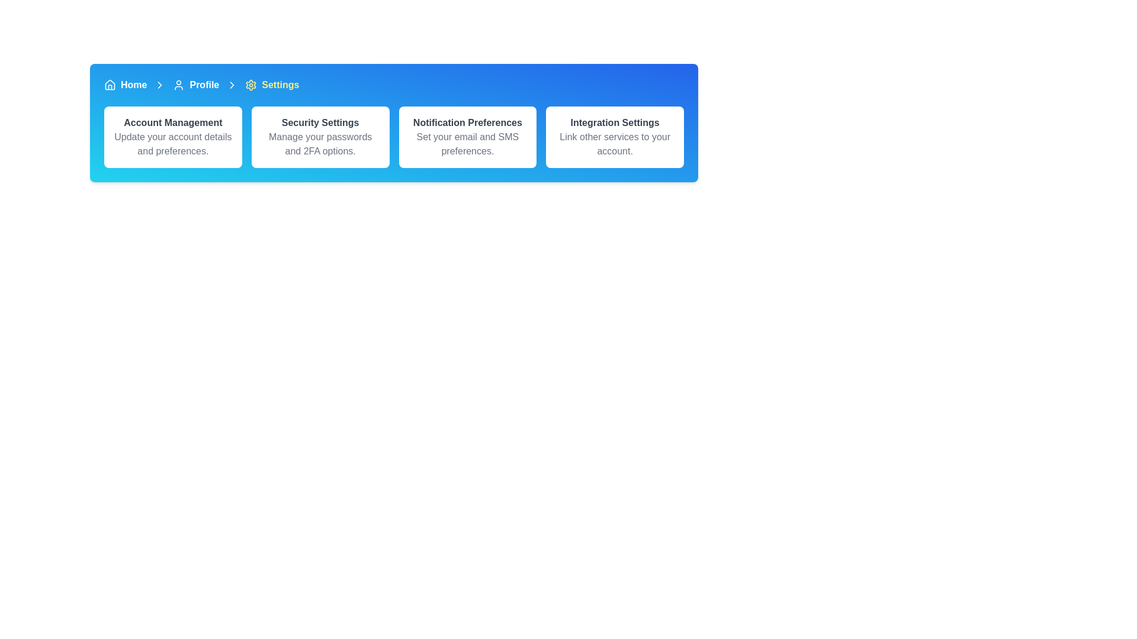  I want to click on the chevron icon in the navigation bar, which serves as a navigational separator between 'Home' and 'Profile', so click(159, 84).